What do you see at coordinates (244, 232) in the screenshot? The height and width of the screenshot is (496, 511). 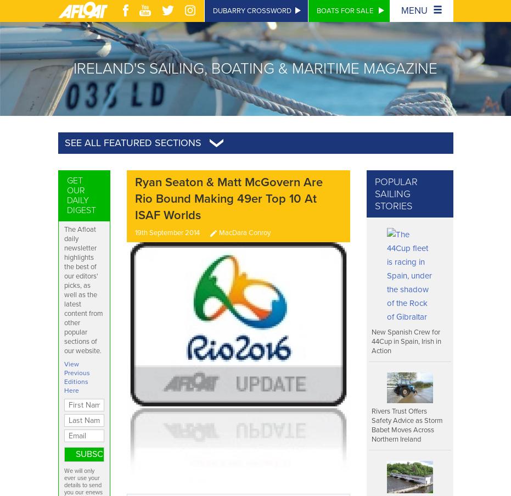 I see `'MacDara Conroy'` at bounding box center [244, 232].